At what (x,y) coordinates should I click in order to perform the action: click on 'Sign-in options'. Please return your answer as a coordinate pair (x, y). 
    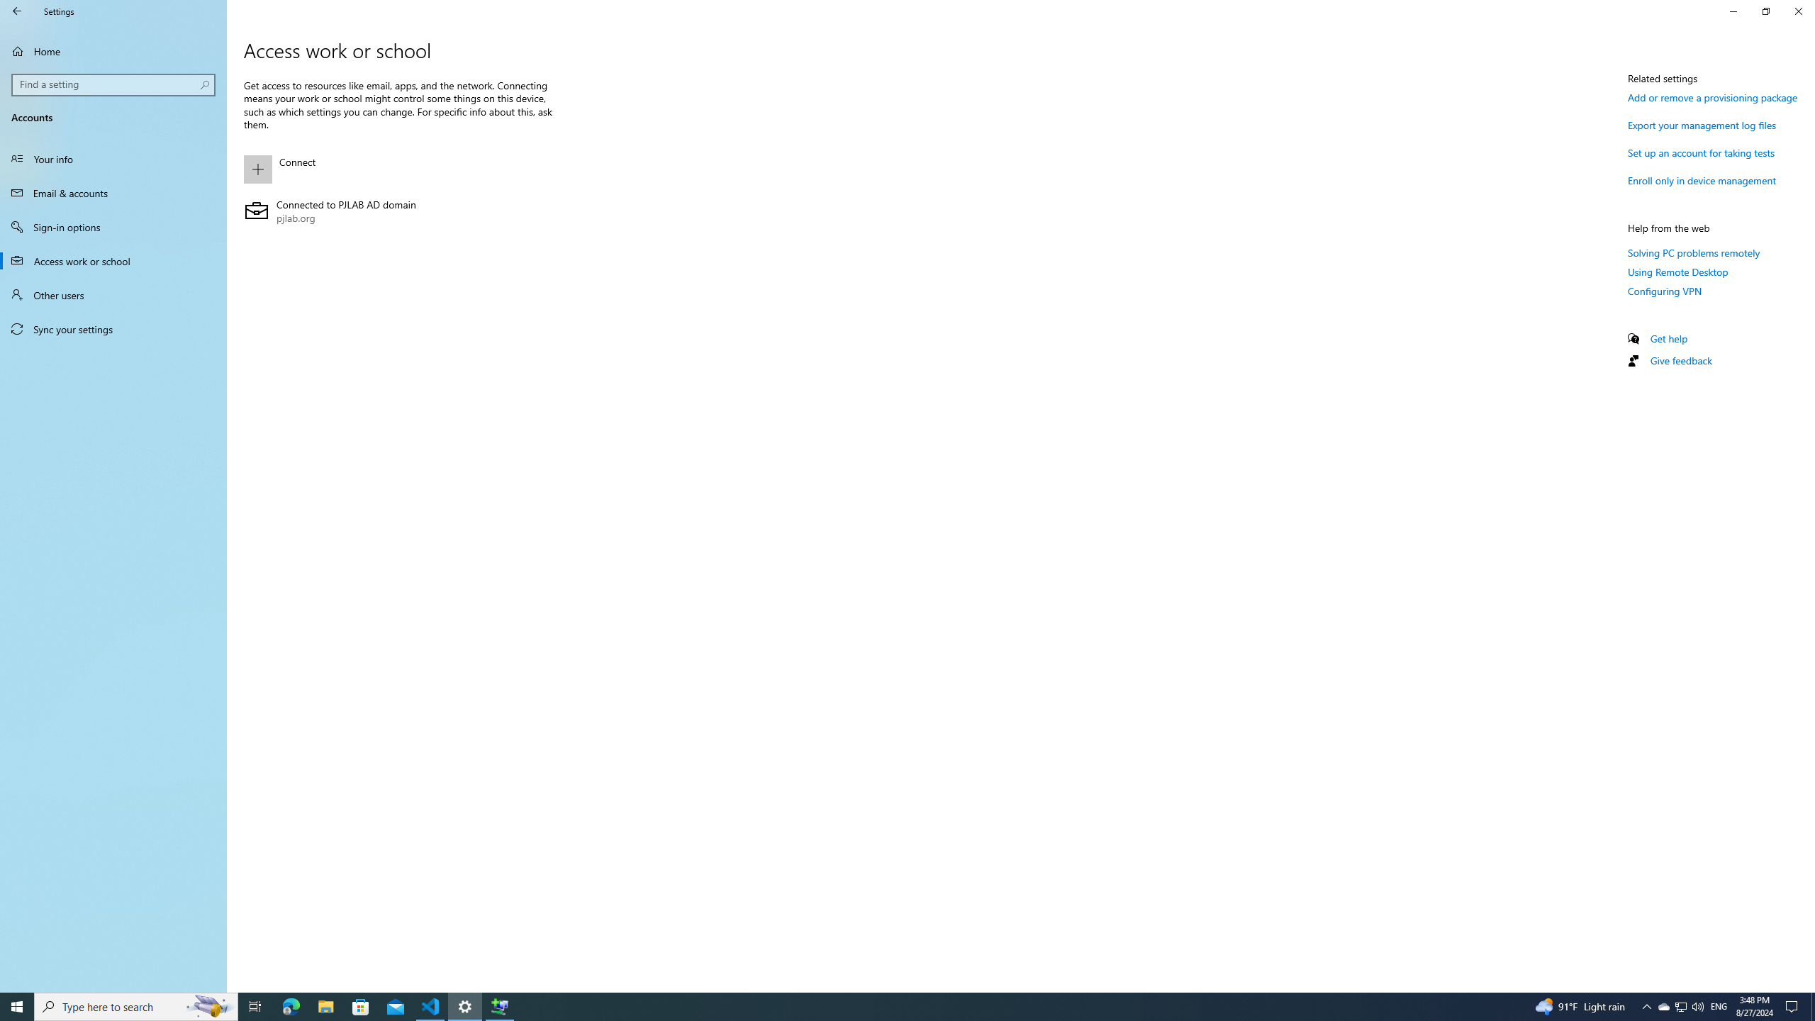
    Looking at the image, I should click on (113, 226).